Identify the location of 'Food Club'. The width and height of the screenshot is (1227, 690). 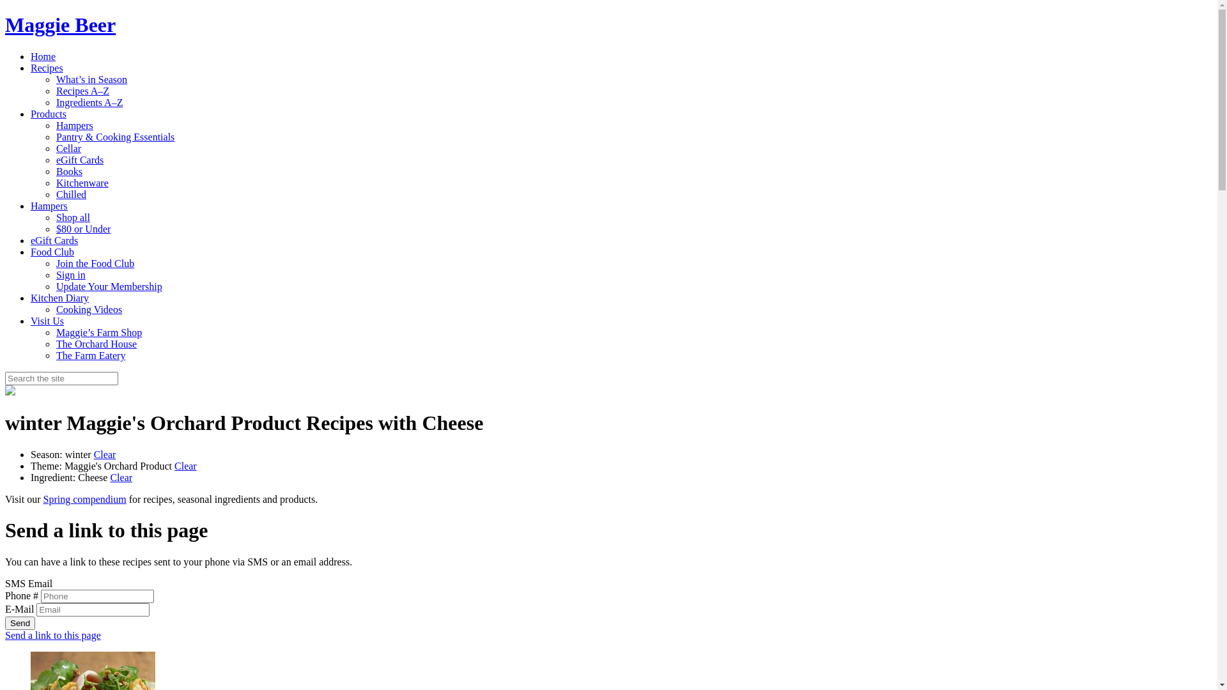
(51, 252).